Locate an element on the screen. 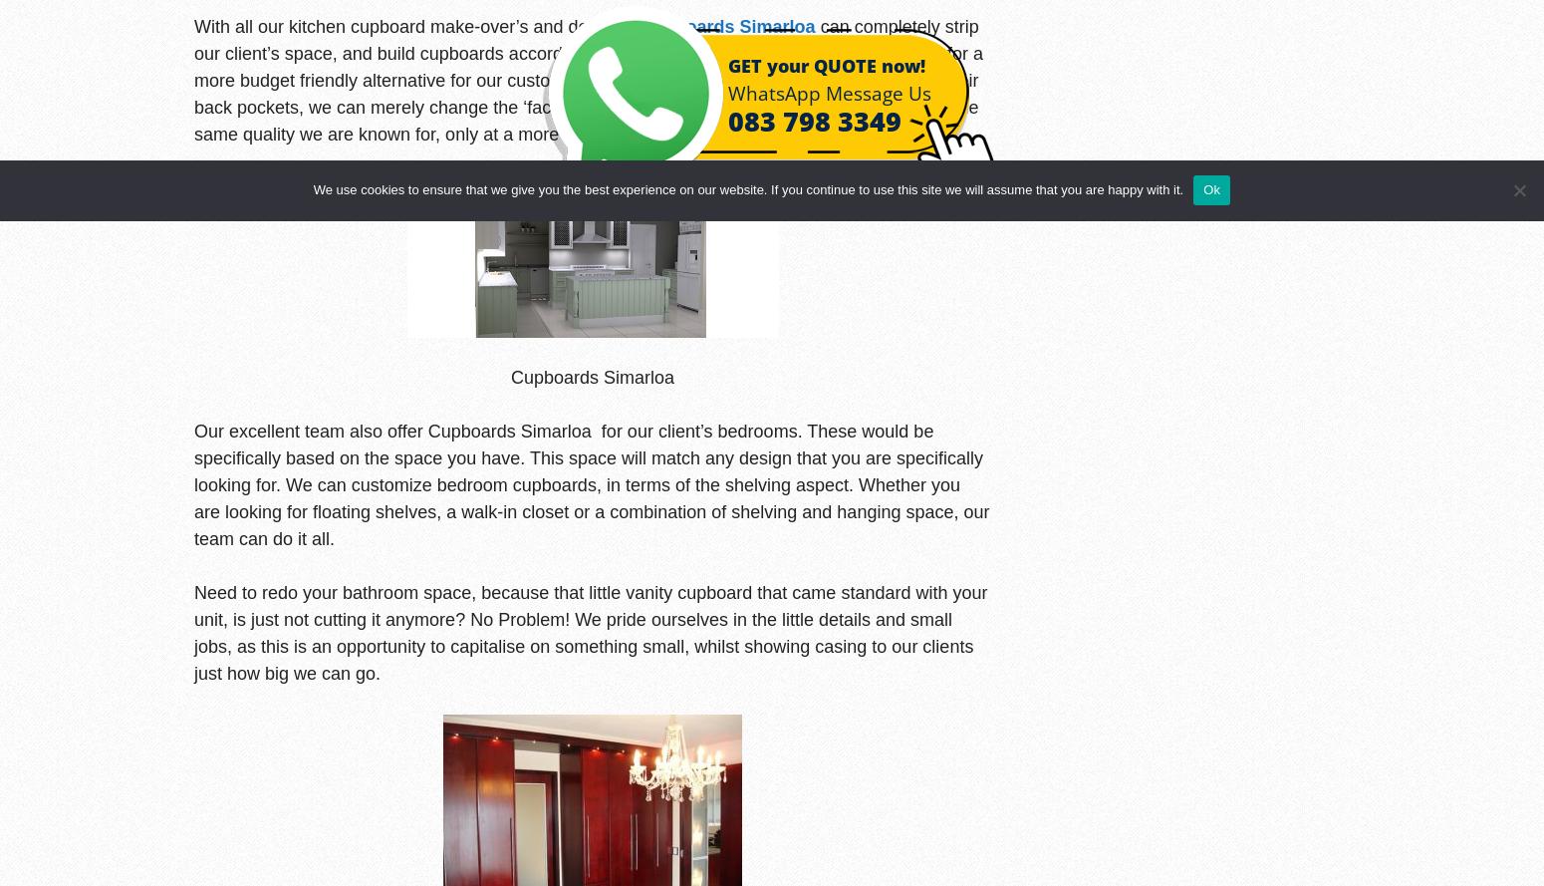  'WhatsApp Message Us' is located at coordinates (828, 92).